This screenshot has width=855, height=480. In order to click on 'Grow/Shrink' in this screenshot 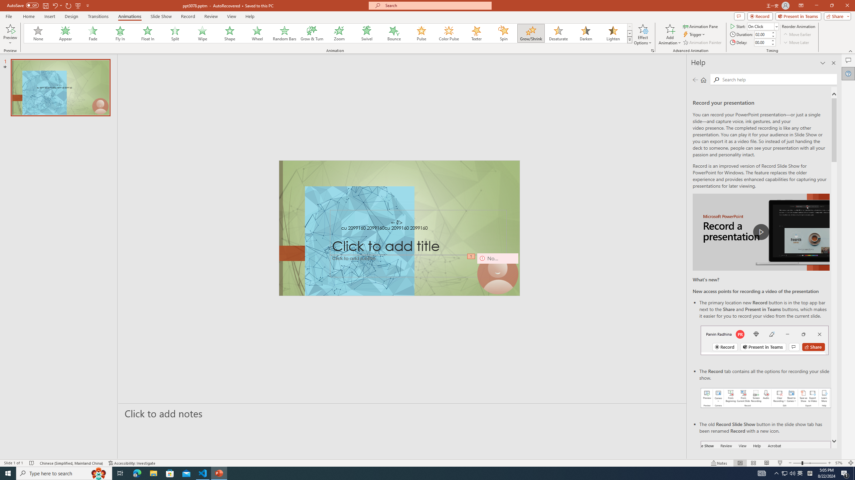, I will do `click(531, 33)`.